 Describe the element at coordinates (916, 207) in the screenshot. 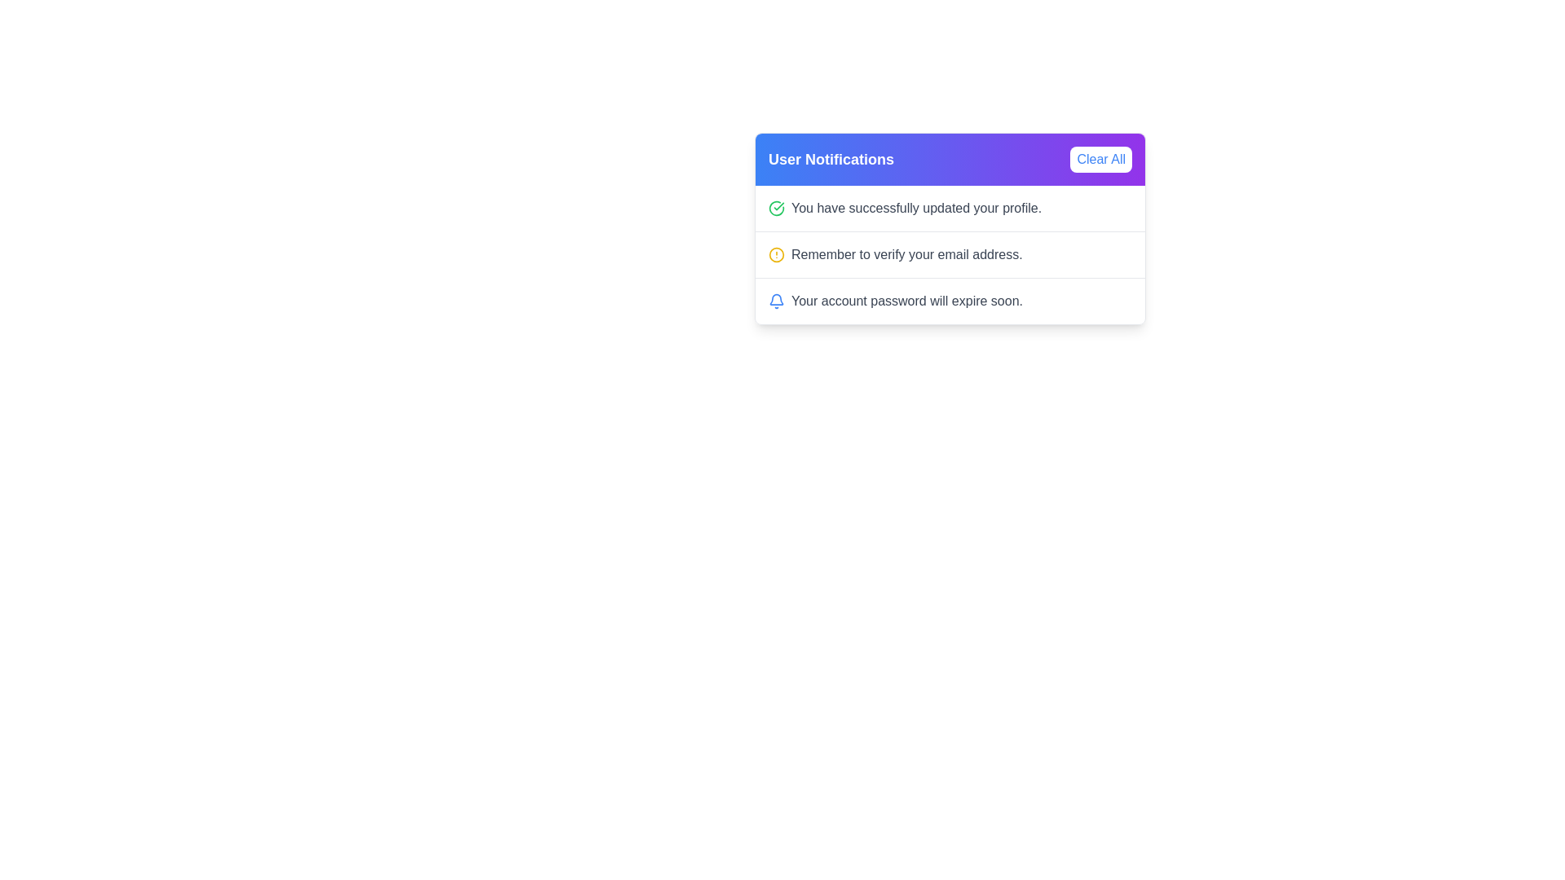

I see `the confirmation message text label that indicates a successful profile update, located under 'User Notifications' with a green checkmark icon to the left` at that location.